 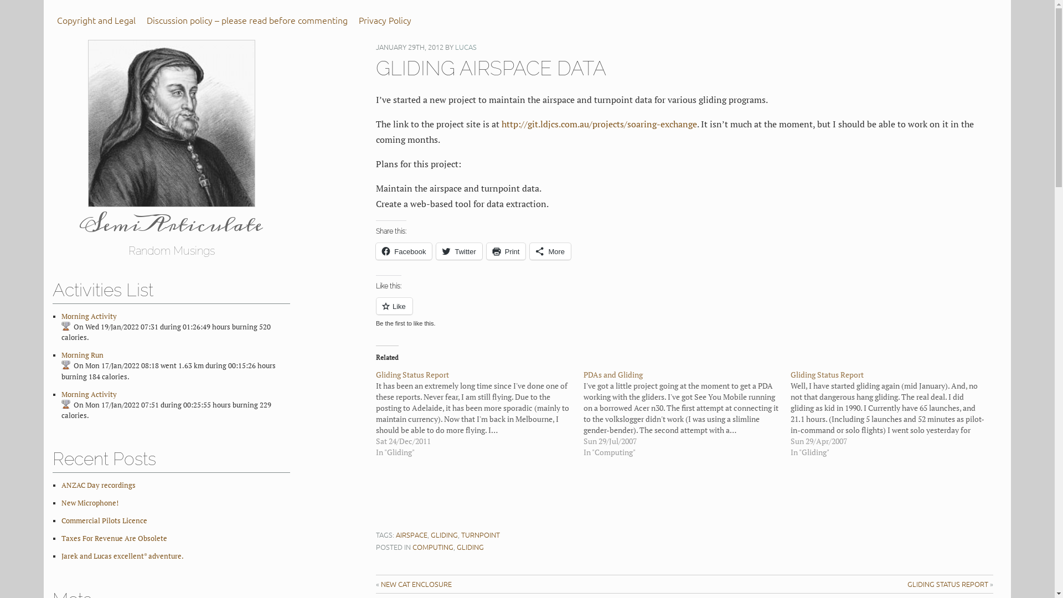 What do you see at coordinates (416, 583) in the screenshot?
I see `'NEW CAT ENCLOSURE'` at bounding box center [416, 583].